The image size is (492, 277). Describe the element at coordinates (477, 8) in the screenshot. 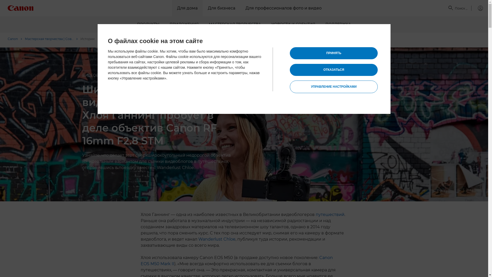

I see `'My Canon'` at that location.